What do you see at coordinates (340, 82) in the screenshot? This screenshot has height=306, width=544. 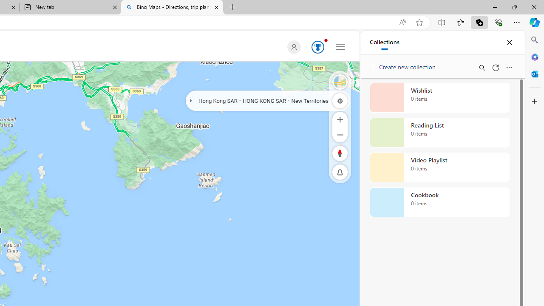 I see `'Bird'` at bounding box center [340, 82].